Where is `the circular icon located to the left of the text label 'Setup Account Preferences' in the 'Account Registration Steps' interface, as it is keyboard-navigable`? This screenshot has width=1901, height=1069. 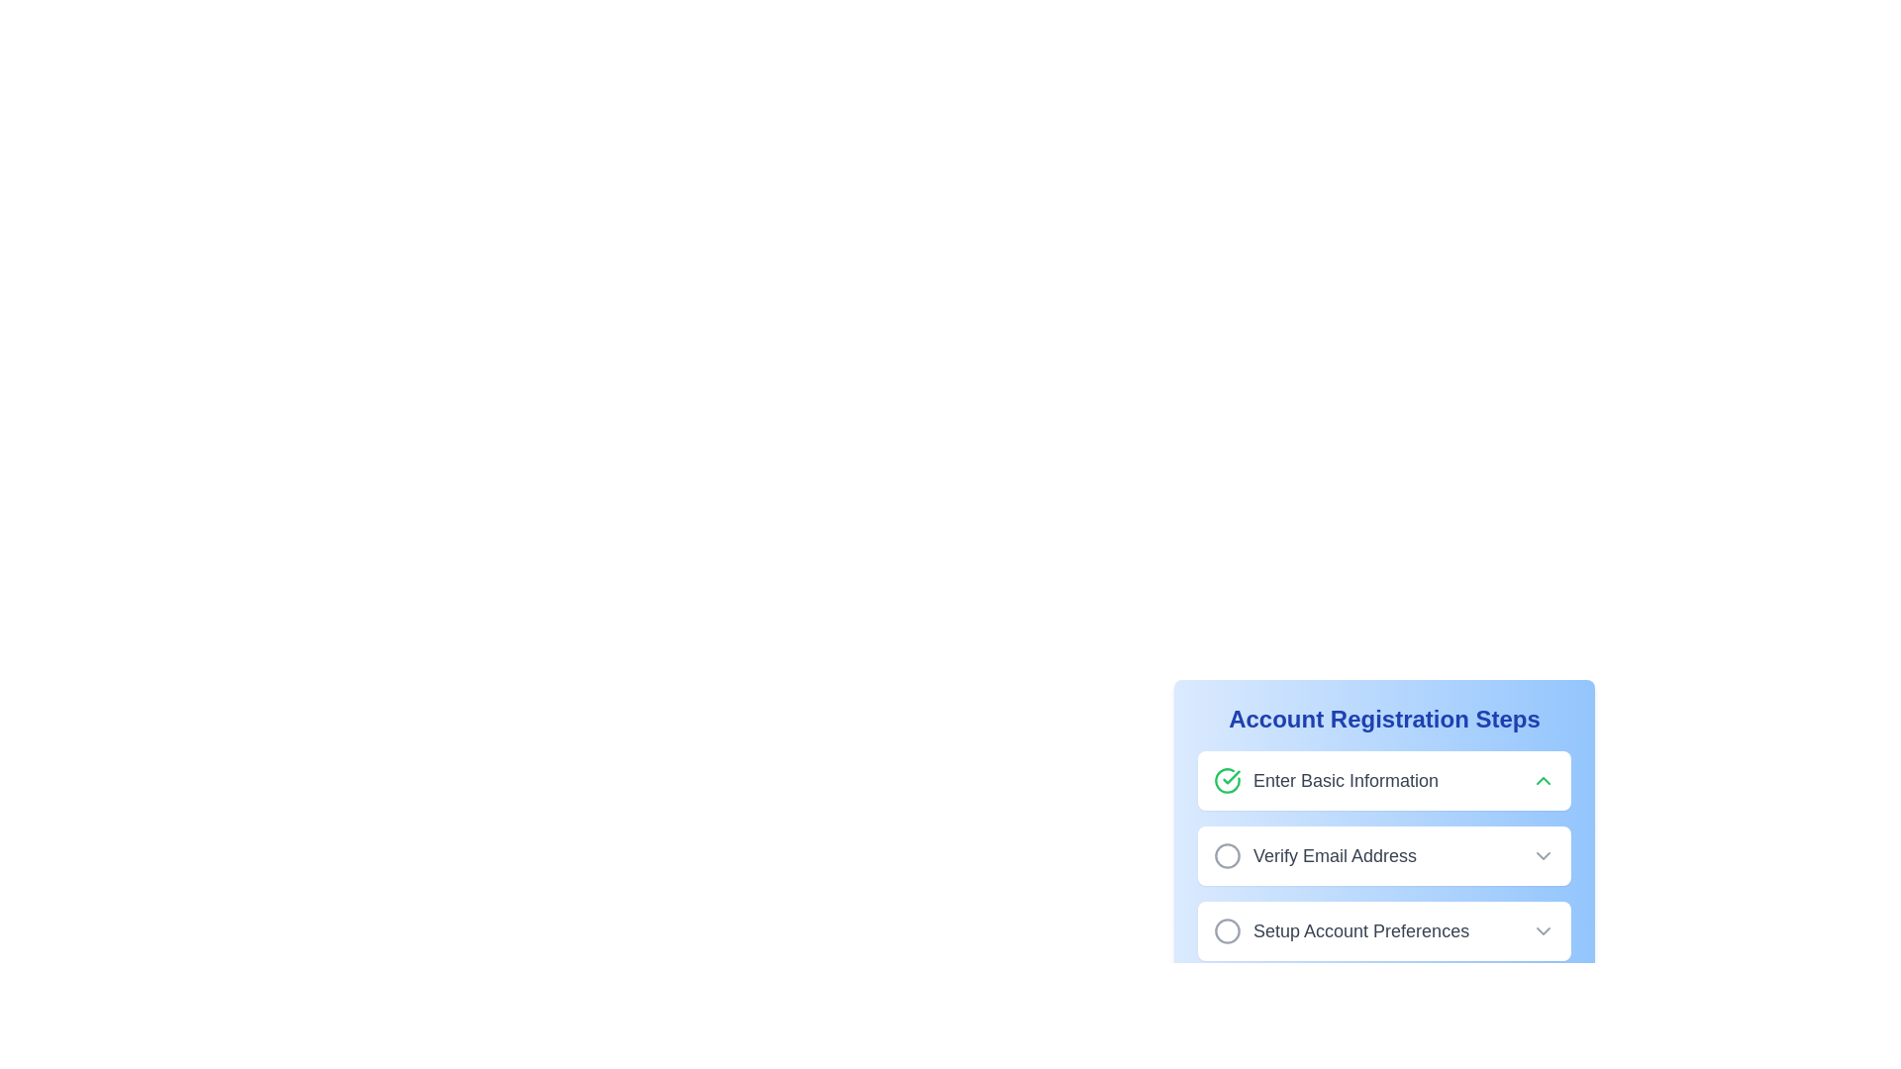
the circular icon located to the left of the text label 'Setup Account Preferences' in the 'Account Registration Steps' interface, as it is keyboard-navigable is located at coordinates (1226, 931).